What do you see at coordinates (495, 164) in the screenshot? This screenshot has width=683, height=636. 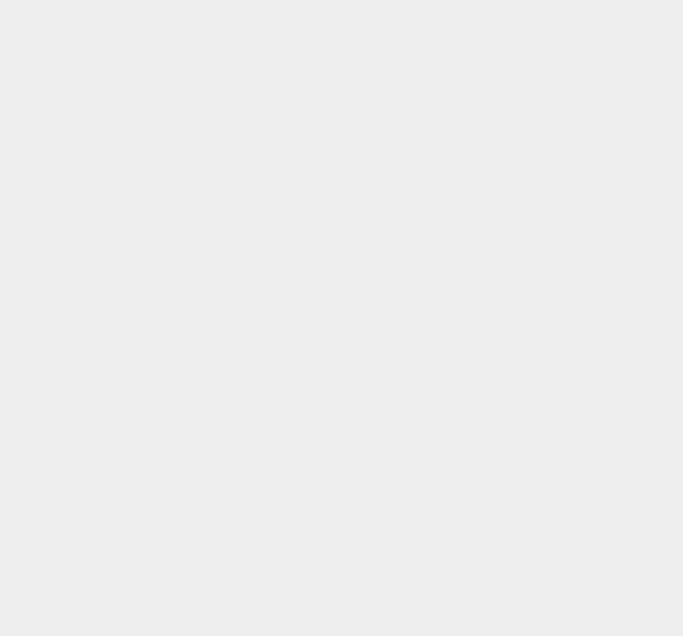 I see `'iOS 5.1'` at bounding box center [495, 164].